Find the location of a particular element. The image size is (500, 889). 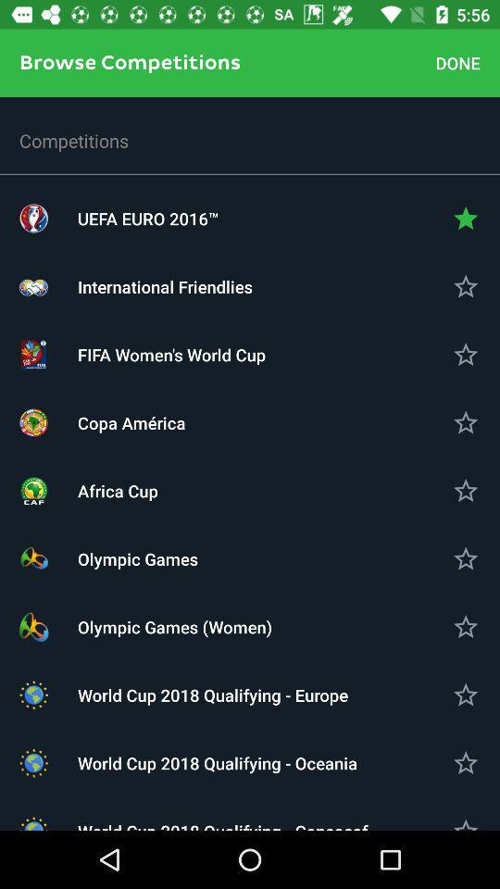

the fifa women s icon is located at coordinates (250, 354).